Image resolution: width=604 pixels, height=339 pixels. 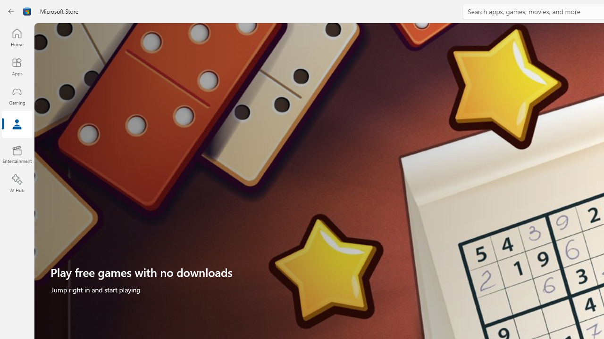 What do you see at coordinates (17, 37) in the screenshot?
I see `'Home'` at bounding box center [17, 37].